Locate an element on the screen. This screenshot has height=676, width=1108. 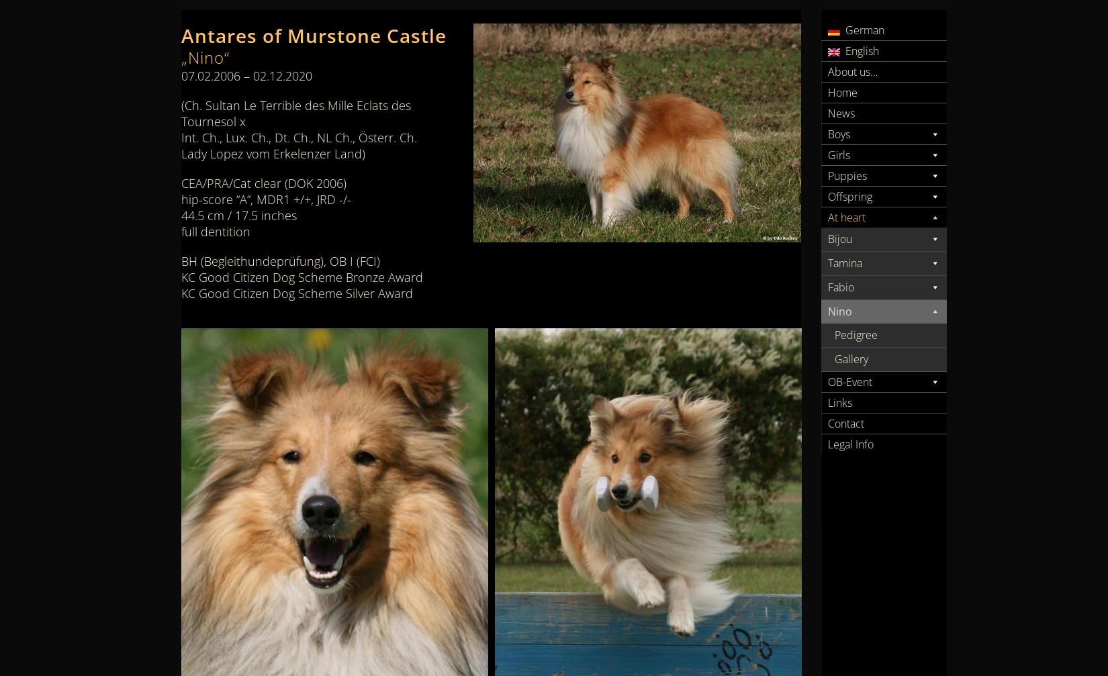
'KC Good Citizen Dog Scheme Bronze Award' is located at coordinates (301, 277).